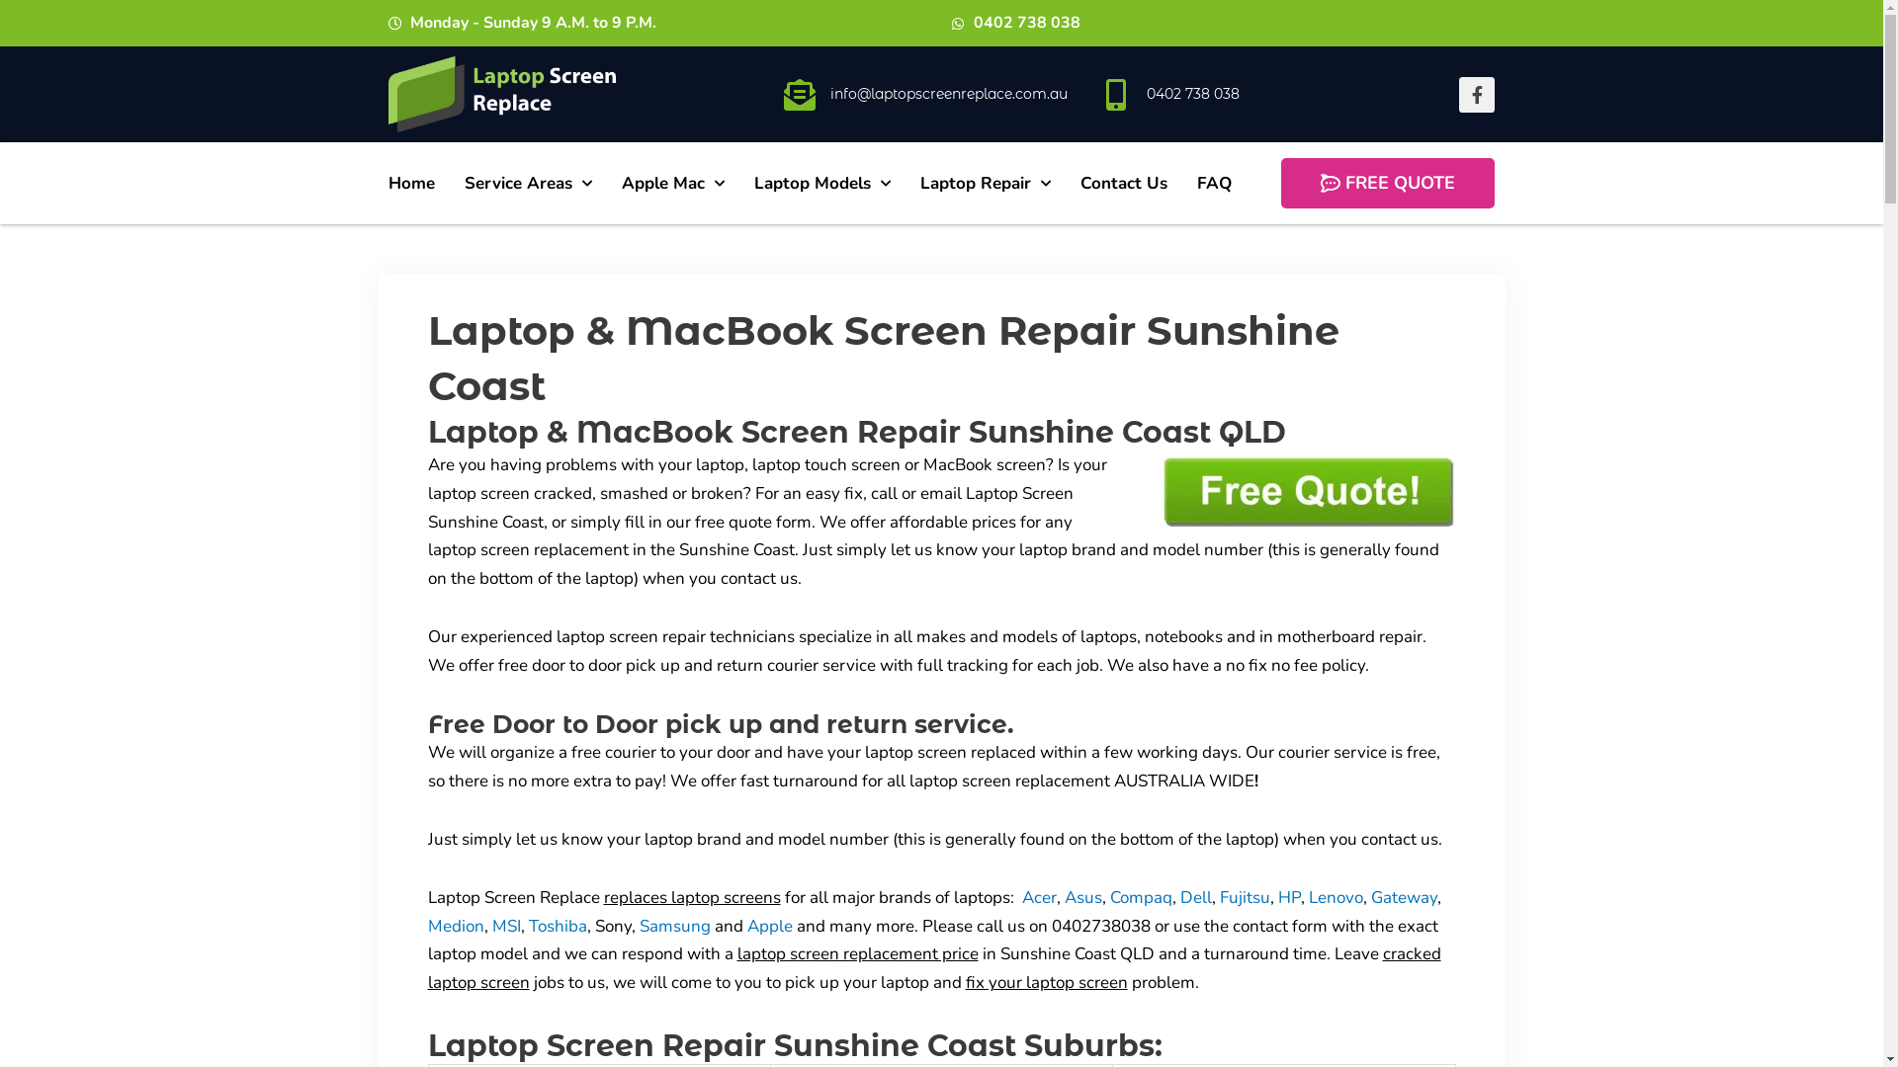  Describe the element at coordinates (1021, 897) in the screenshot. I see `'Acer'` at that location.